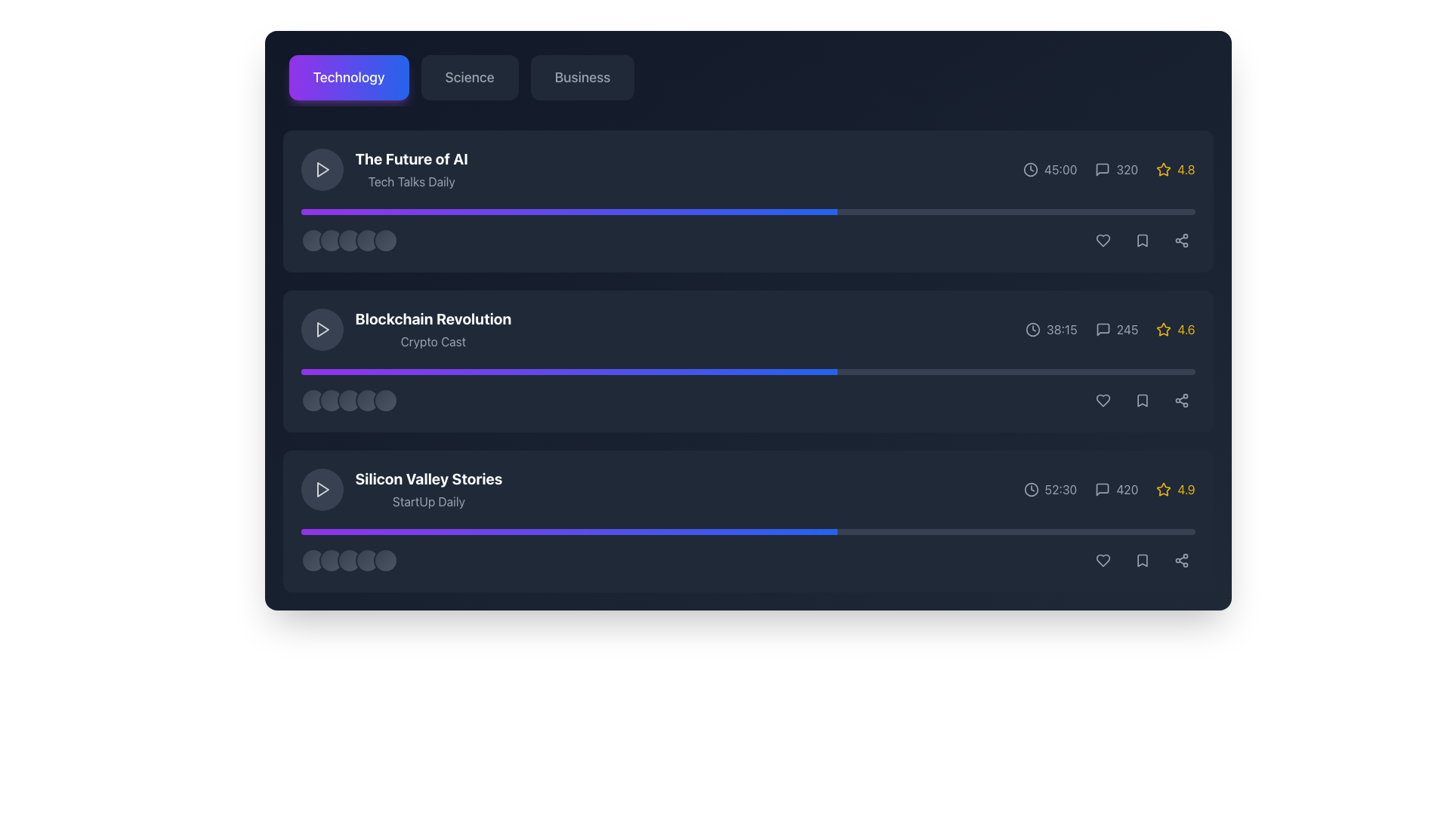 The height and width of the screenshot is (815, 1450). I want to click on descriptive title text element located in the middle of the list item, positioned above the smaller text 'StartUp Daily', so click(427, 479).